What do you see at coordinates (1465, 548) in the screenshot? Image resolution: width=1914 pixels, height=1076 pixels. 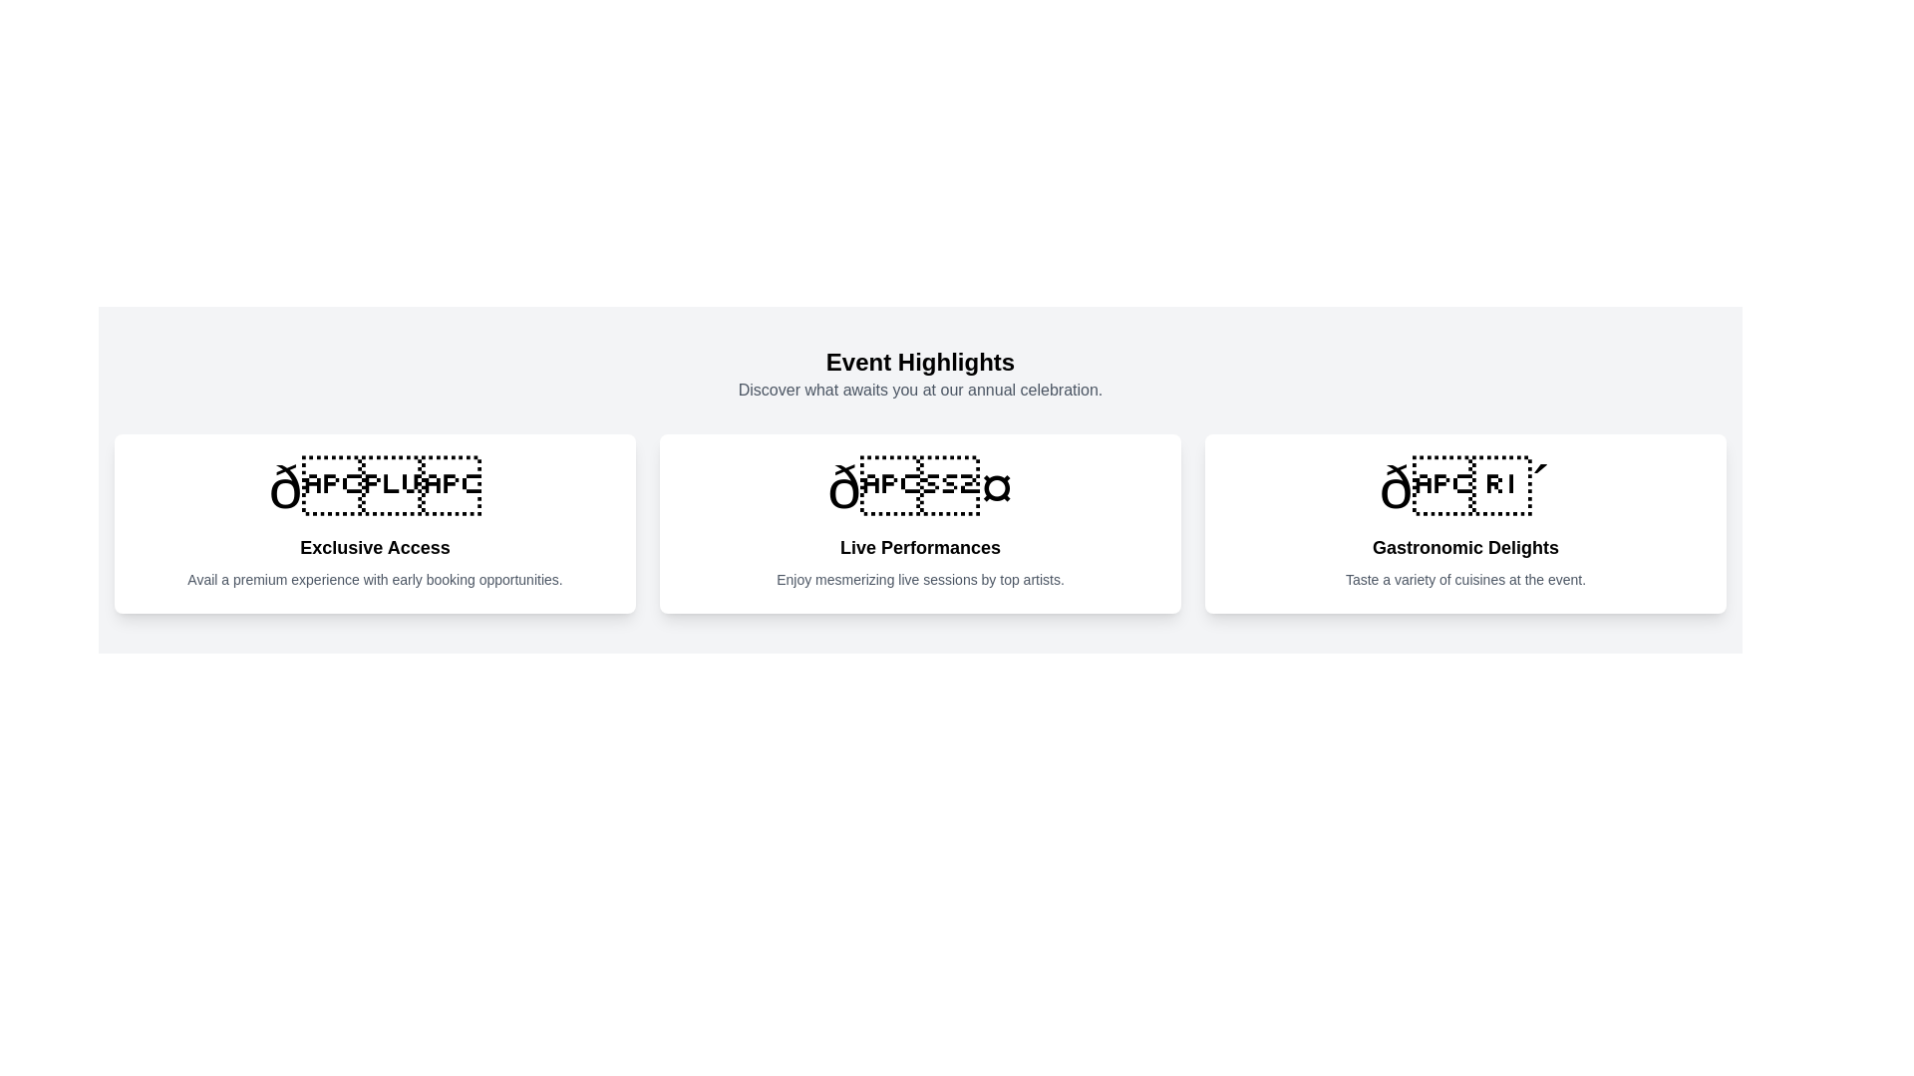 I see `text label displaying 'Gastronomic Delights' which is styled in bold black font, located at the center of the rightmost feature card` at bounding box center [1465, 548].